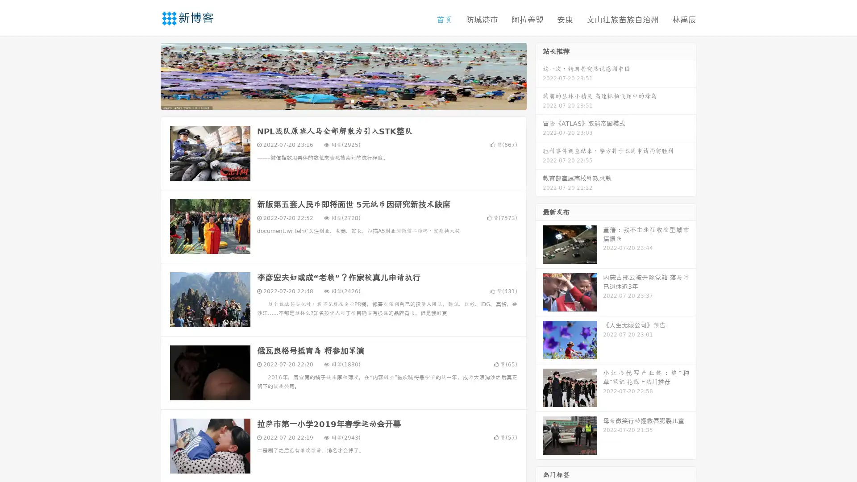 The width and height of the screenshot is (857, 482). I want to click on Next slide, so click(539, 75).